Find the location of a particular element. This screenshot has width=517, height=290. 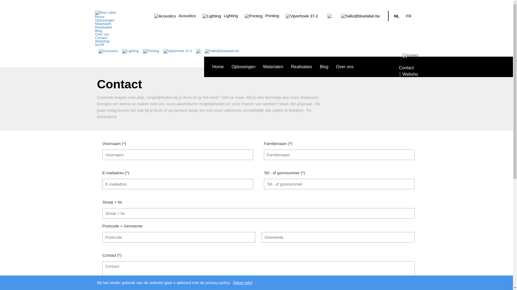

'Webshop' is located at coordinates (102, 41).